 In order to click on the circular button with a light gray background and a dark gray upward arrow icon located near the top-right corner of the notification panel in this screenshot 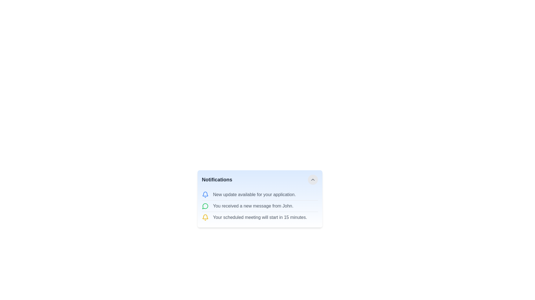, I will do `click(313, 180)`.